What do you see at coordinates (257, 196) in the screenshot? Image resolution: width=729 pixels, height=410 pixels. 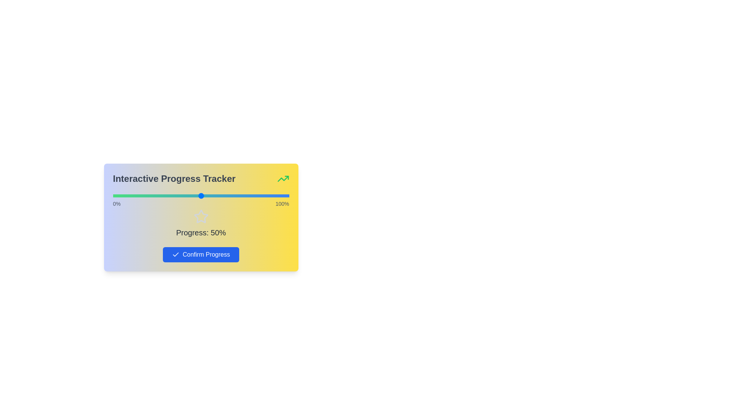 I see `the slider to set the progress percentage to 82` at bounding box center [257, 196].